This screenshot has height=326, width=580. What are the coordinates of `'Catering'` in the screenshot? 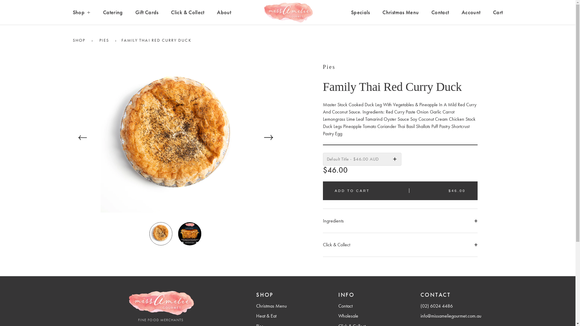 It's located at (113, 12).